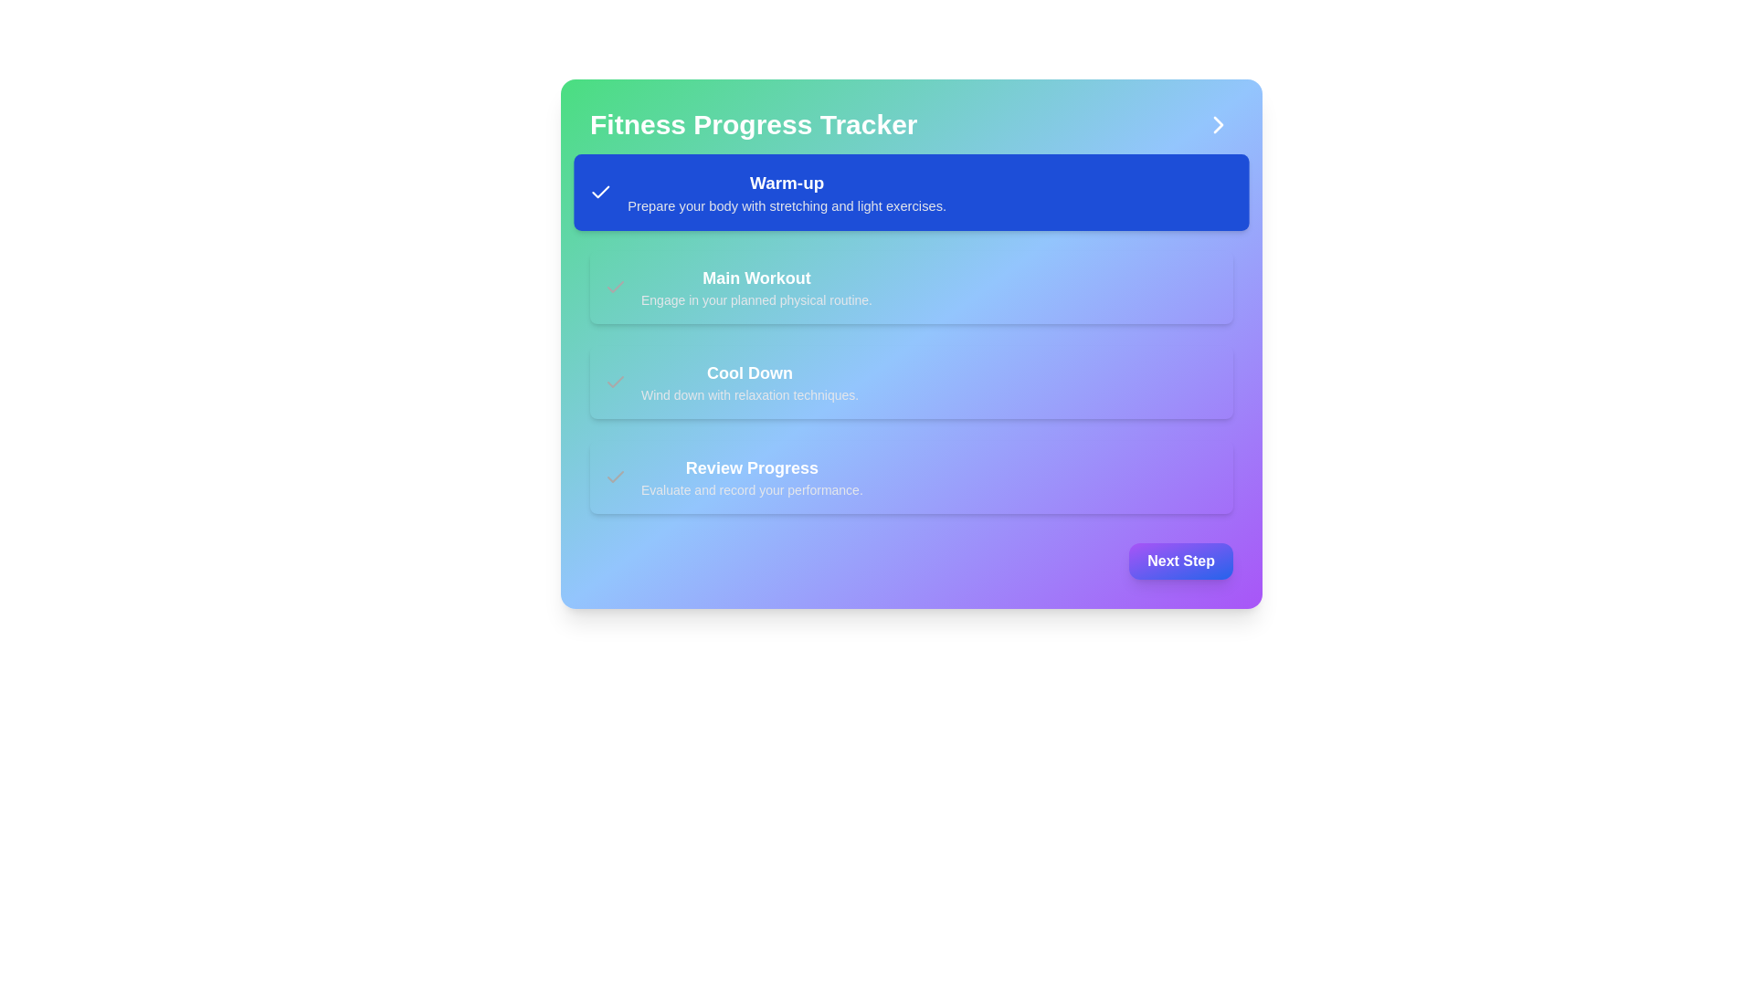 The image size is (1754, 986). I want to click on the right-pointing chevron arrow icon button in the top-right corner of the 'Fitness Progress Tracker' content area, so click(1219, 124).